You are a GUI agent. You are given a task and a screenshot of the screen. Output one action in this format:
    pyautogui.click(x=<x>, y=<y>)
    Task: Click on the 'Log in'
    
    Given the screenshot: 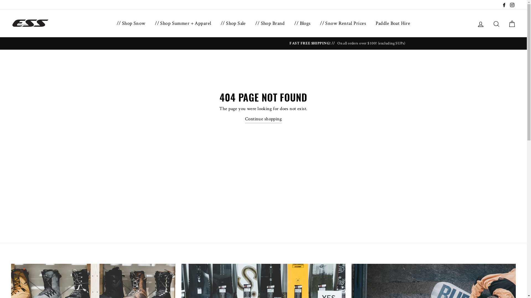 What is the action you would take?
    pyautogui.click(x=480, y=23)
    